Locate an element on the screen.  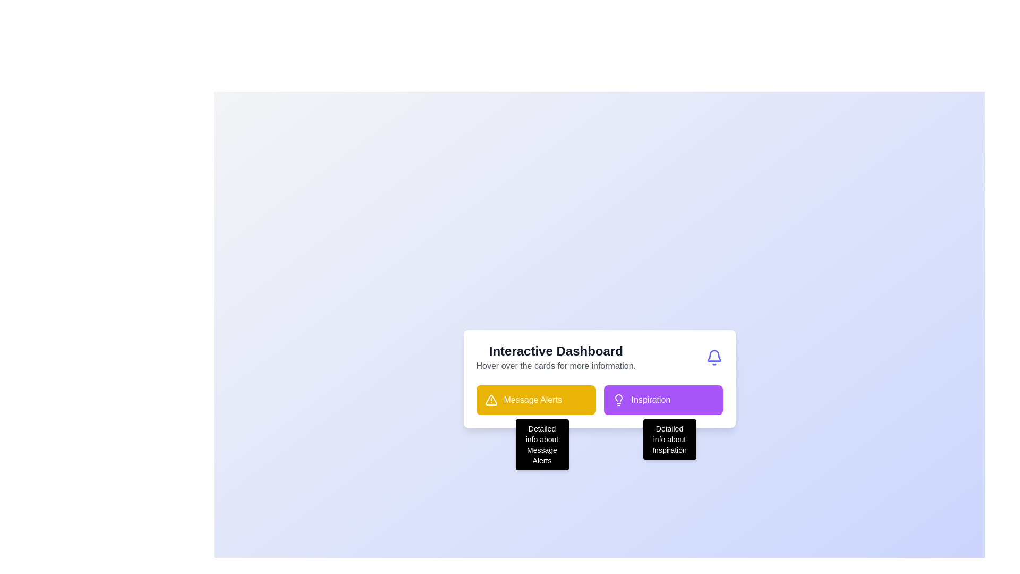
the lightbulb icon representing the 'Inspiration' section, which is located within the purple card labeled 'Inspiration' in the lower right segment of the interface is located at coordinates (618, 400).